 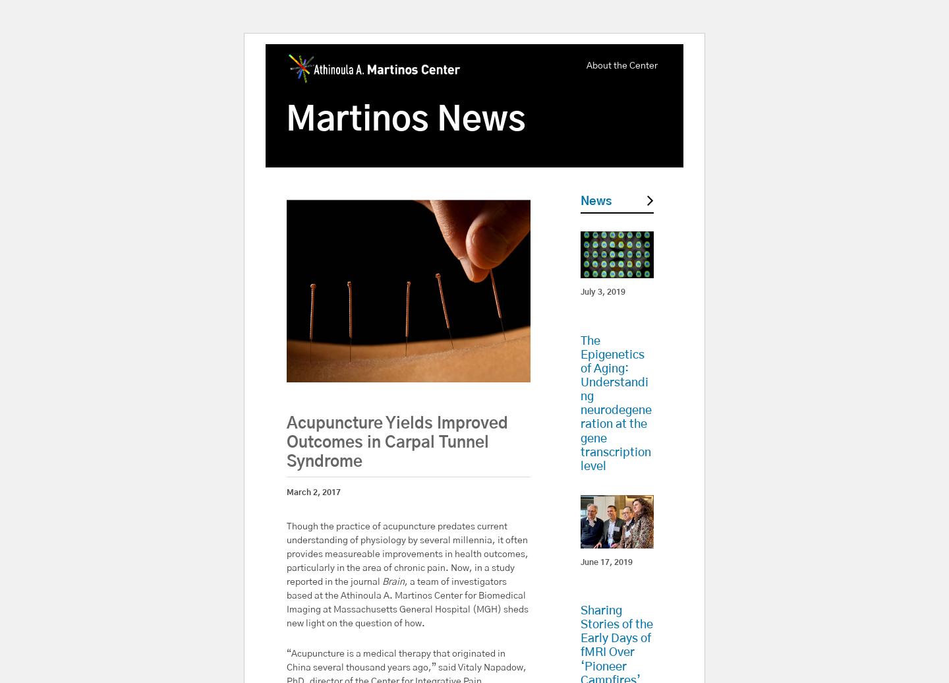 I want to click on 'Acupuncture Yields Improved Outcomes in Carpal Tunnel Syndrome', so click(x=396, y=442).